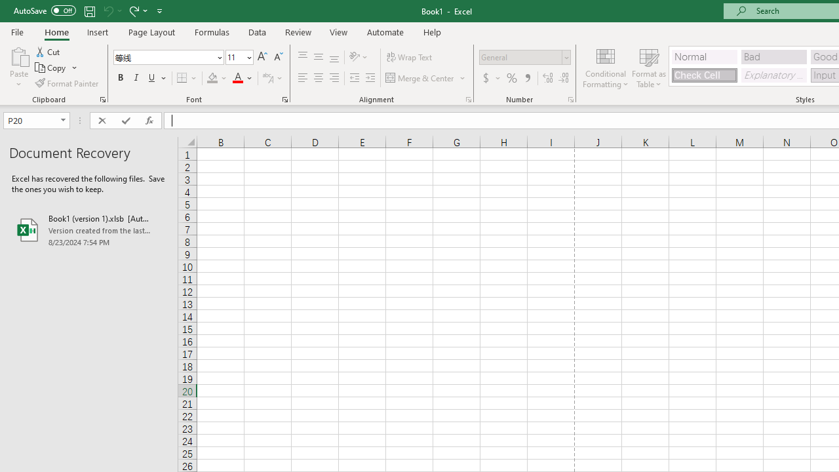  What do you see at coordinates (605, 68) in the screenshot?
I see `'Conditional Formatting'` at bounding box center [605, 68].